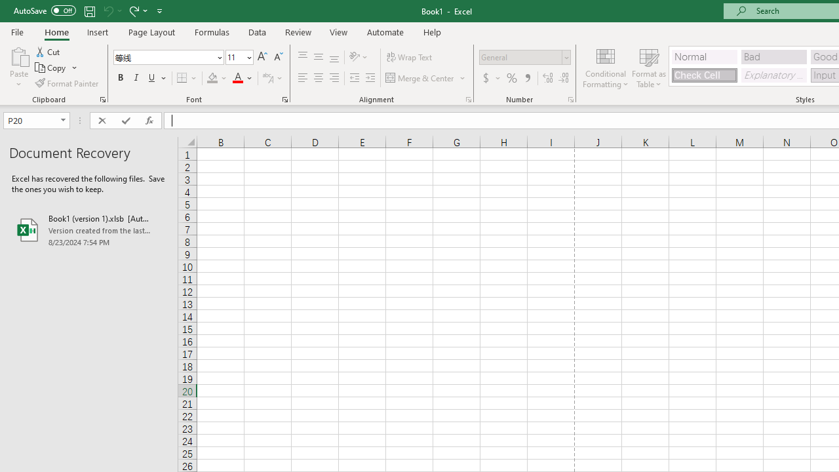  What do you see at coordinates (605, 68) in the screenshot?
I see `'Conditional Formatting'` at bounding box center [605, 68].